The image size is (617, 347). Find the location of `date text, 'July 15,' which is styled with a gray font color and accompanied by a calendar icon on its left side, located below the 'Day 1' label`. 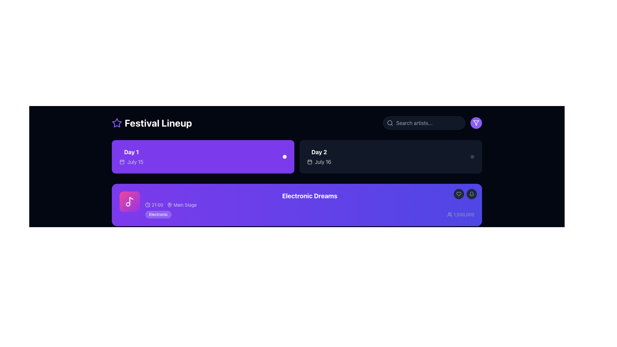

date text, 'July 15,' which is styled with a gray font color and accompanied by a calendar icon on its left side, located below the 'Day 1' label is located at coordinates (131, 162).